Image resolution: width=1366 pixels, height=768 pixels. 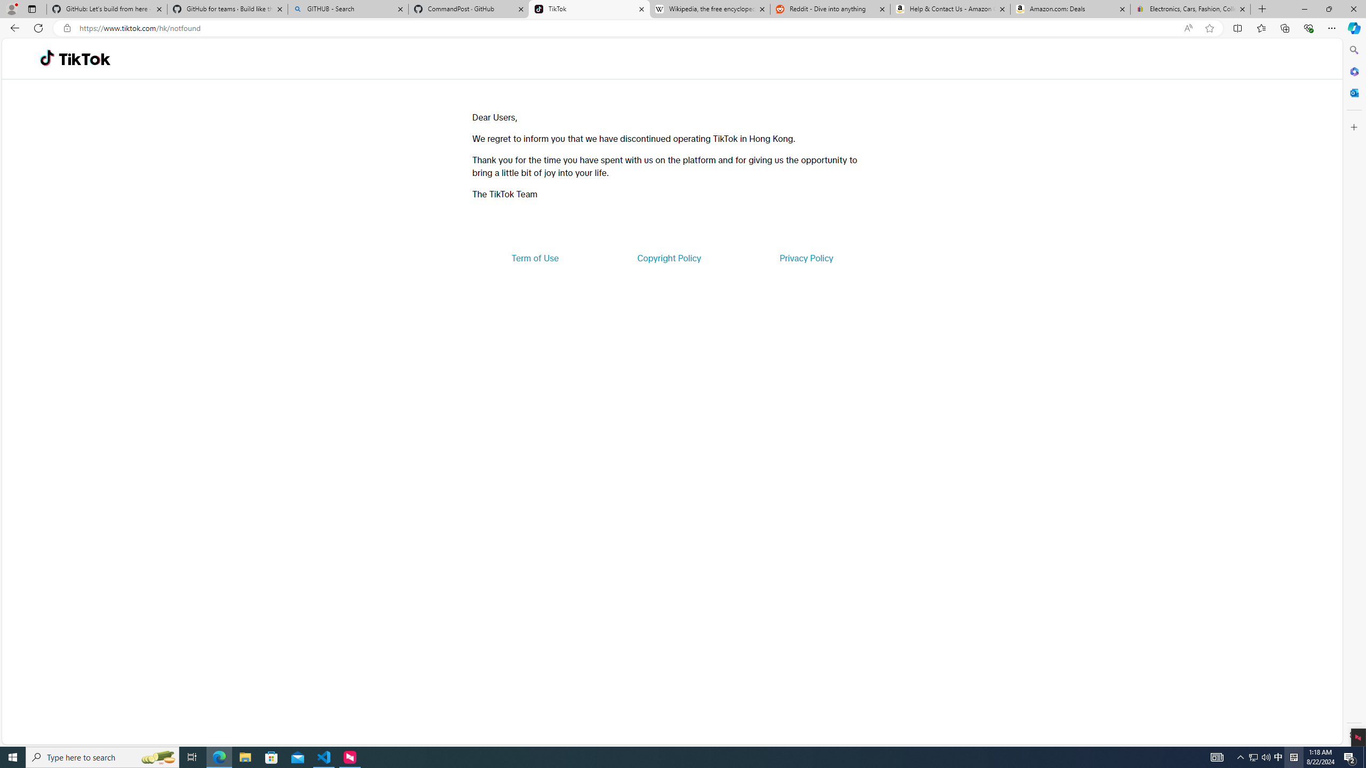 What do you see at coordinates (805, 257) in the screenshot?
I see `'Privacy Policy'` at bounding box center [805, 257].